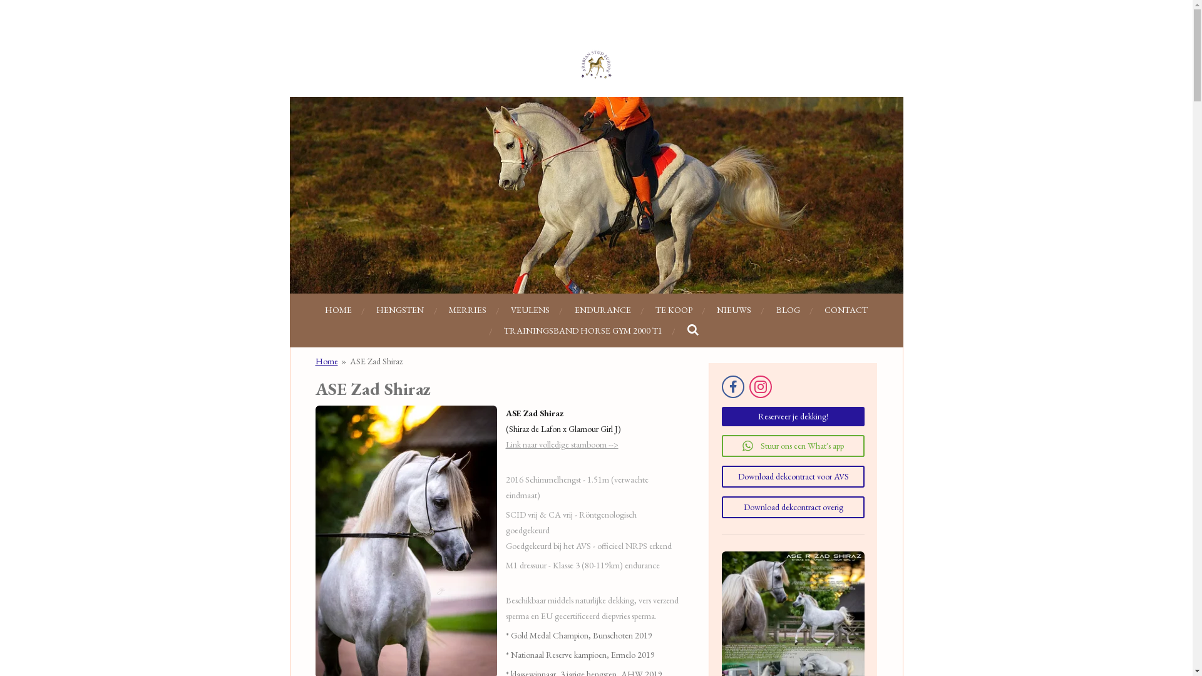  I want to click on 'Reserveer je dekking!', so click(793, 416).